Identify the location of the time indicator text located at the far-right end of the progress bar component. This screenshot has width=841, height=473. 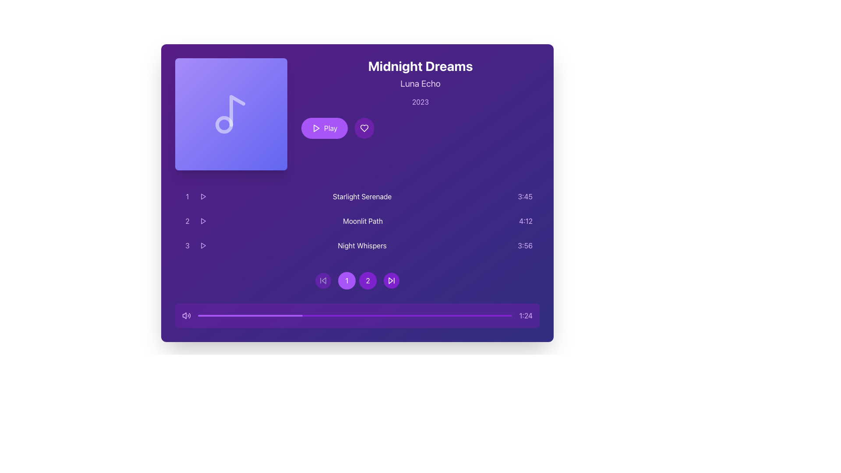
(526, 316).